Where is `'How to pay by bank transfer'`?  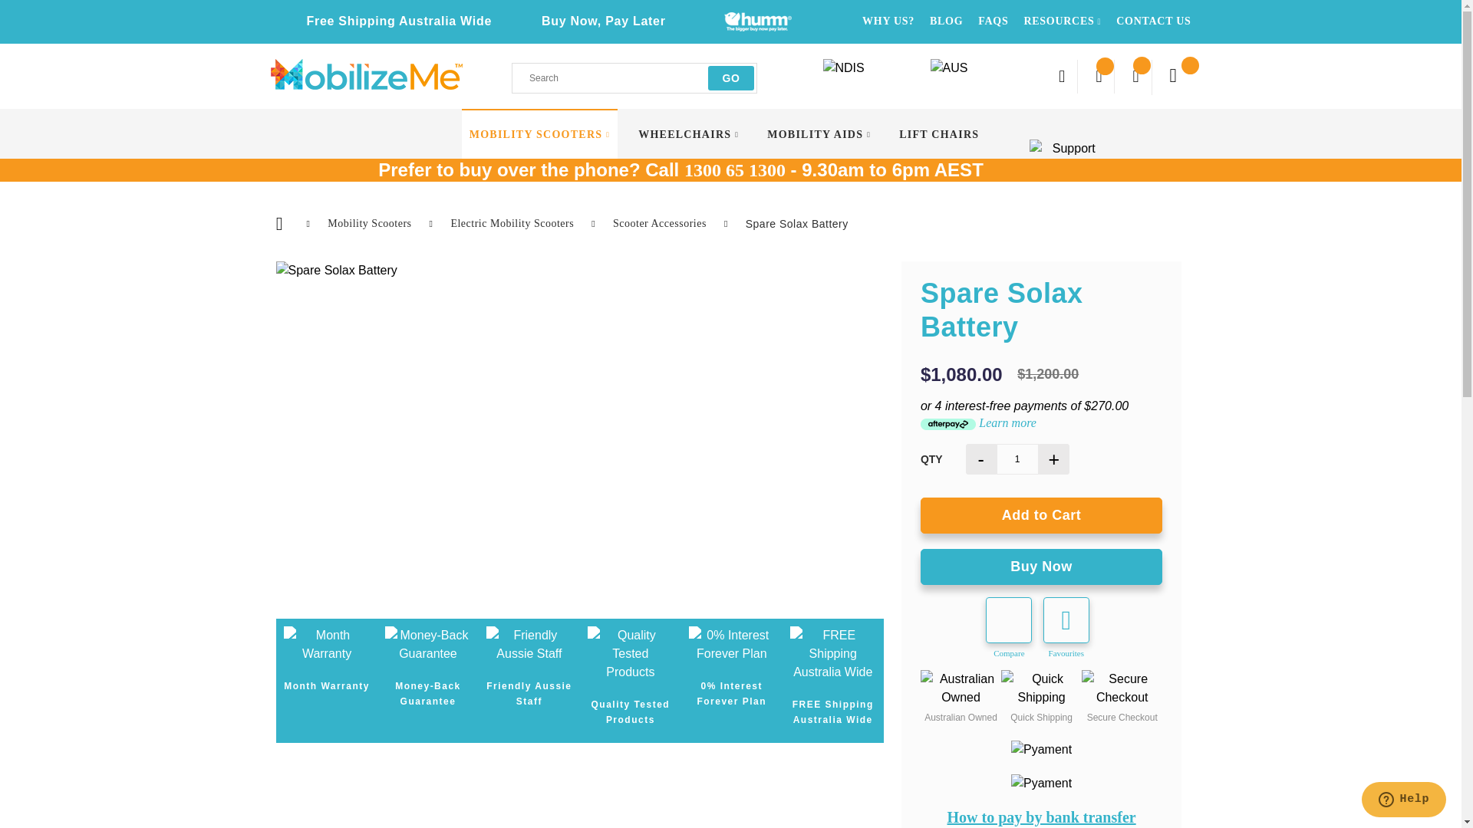
'How to pay by bank transfer' is located at coordinates (1042, 816).